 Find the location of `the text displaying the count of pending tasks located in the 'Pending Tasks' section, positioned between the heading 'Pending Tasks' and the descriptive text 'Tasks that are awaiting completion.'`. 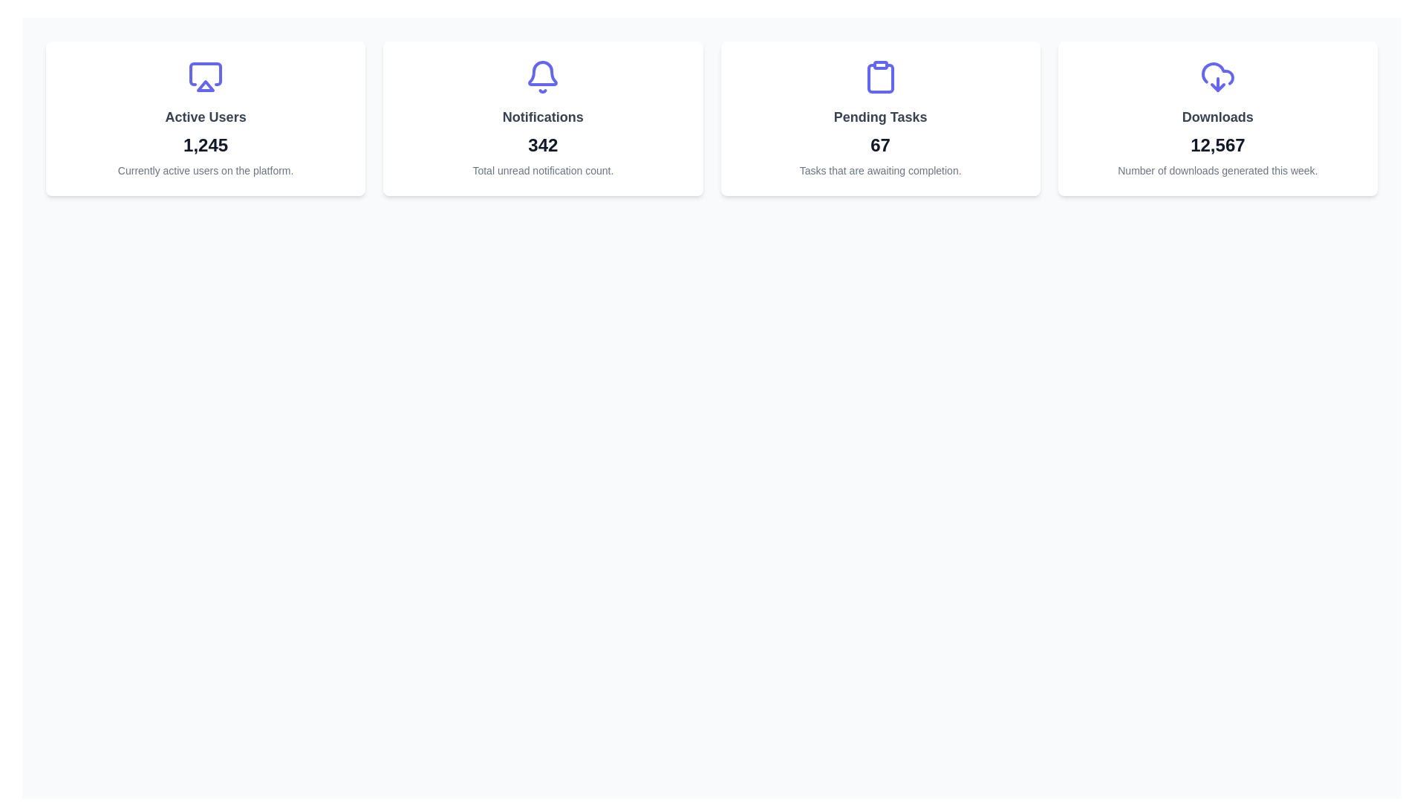

the text displaying the count of pending tasks located in the 'Pending Tasks' section, positioned between the heading 'Pending Tasks' and the descriptive text 'Tasks that are awaiting completion.' is located at coordinates (880, 146).